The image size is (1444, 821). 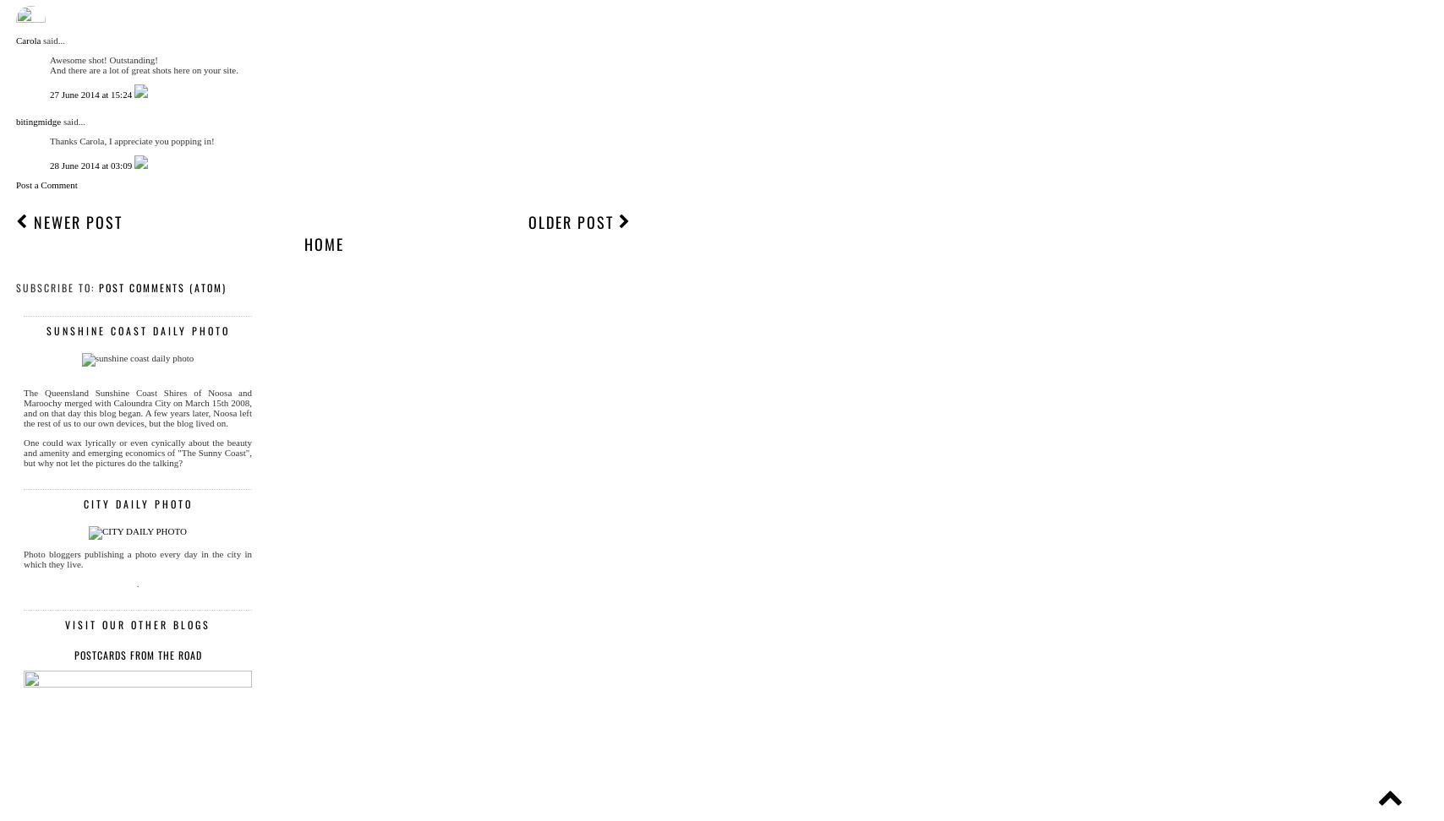 I want to click on 'sunshine coast daily photo', so click(x=137, y=330).